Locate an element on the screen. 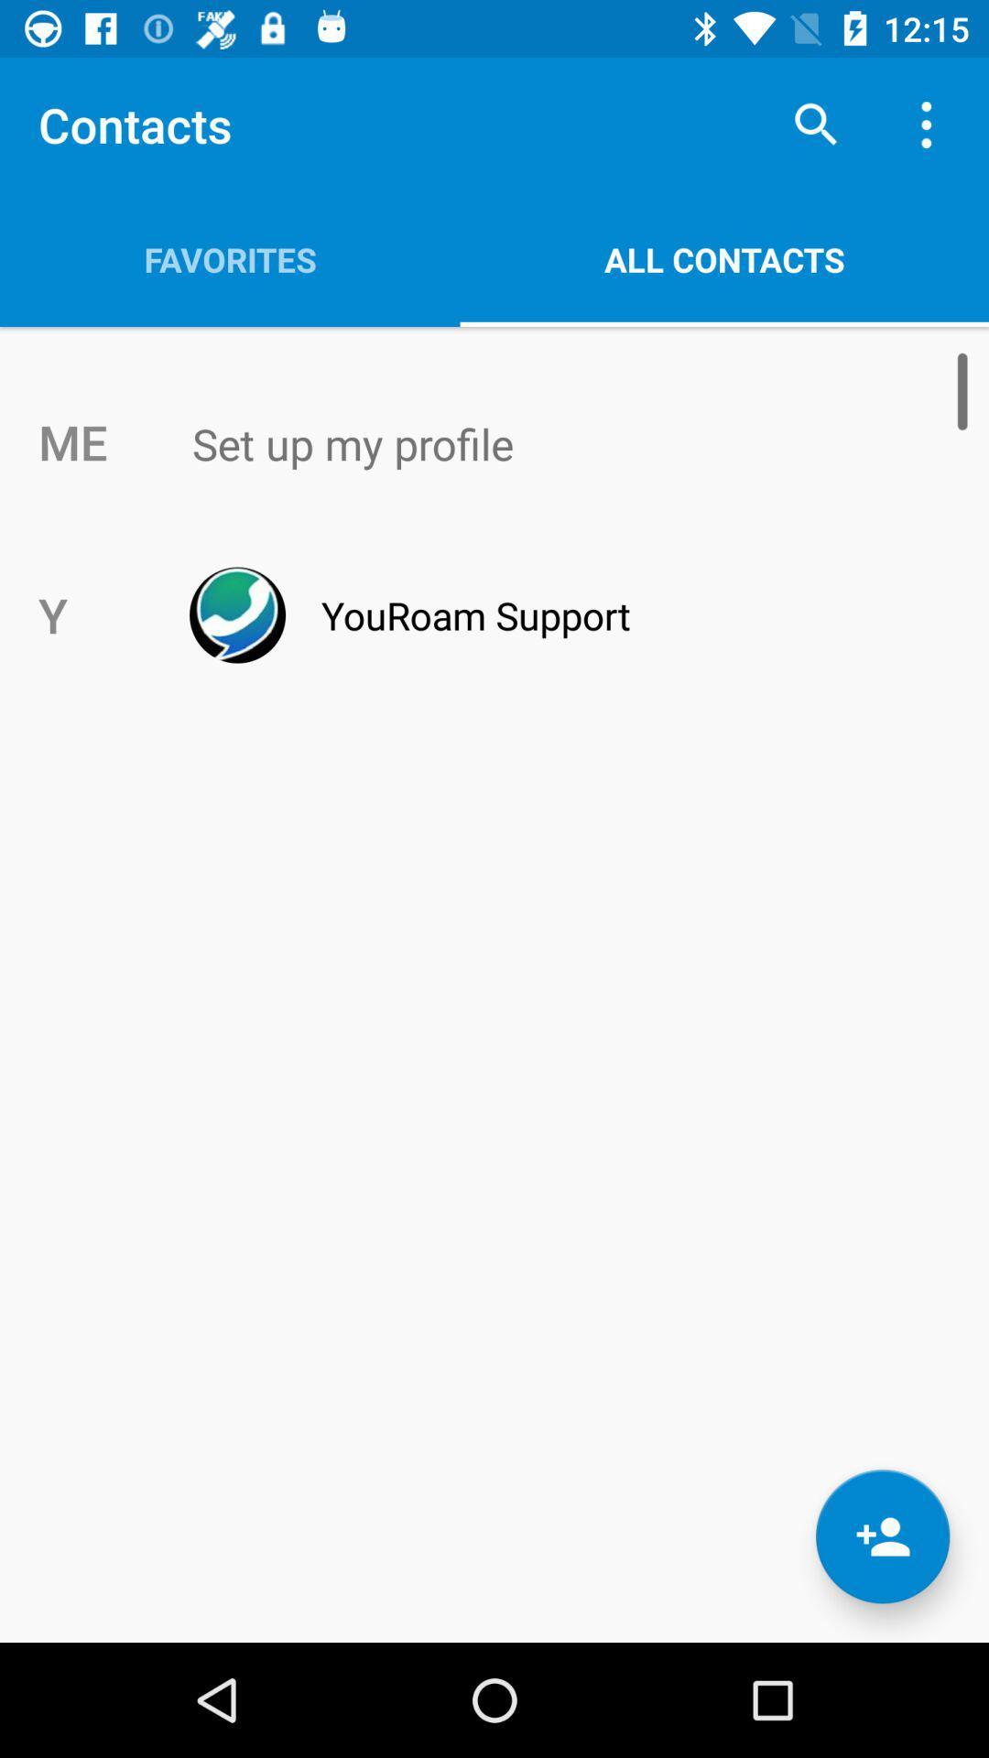  item above the set up my icon is located at coordinates (723, 258).